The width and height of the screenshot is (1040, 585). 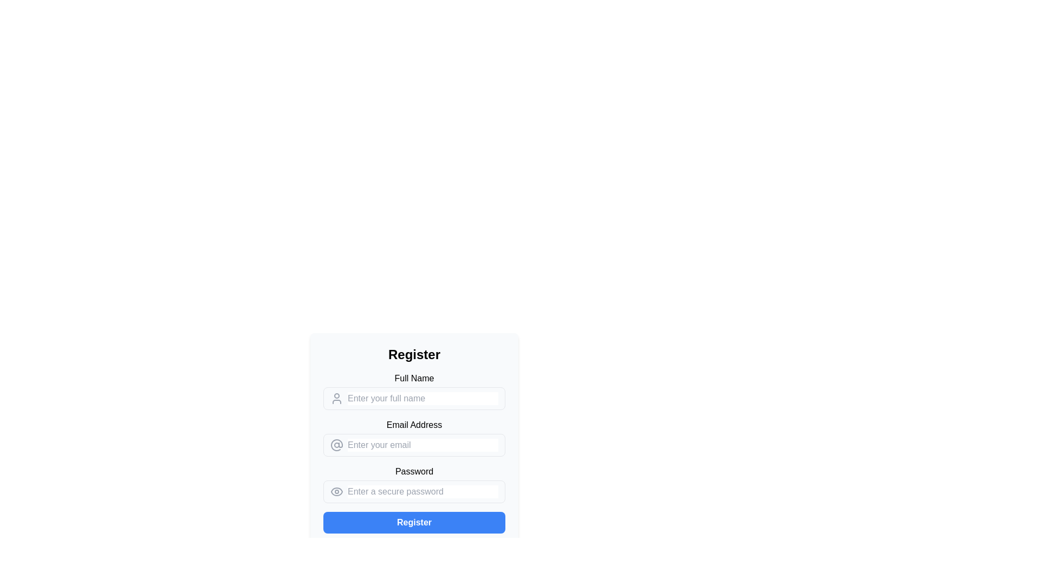 I want to click on the text input field for 'Full Name', so click(x=422, y=399).